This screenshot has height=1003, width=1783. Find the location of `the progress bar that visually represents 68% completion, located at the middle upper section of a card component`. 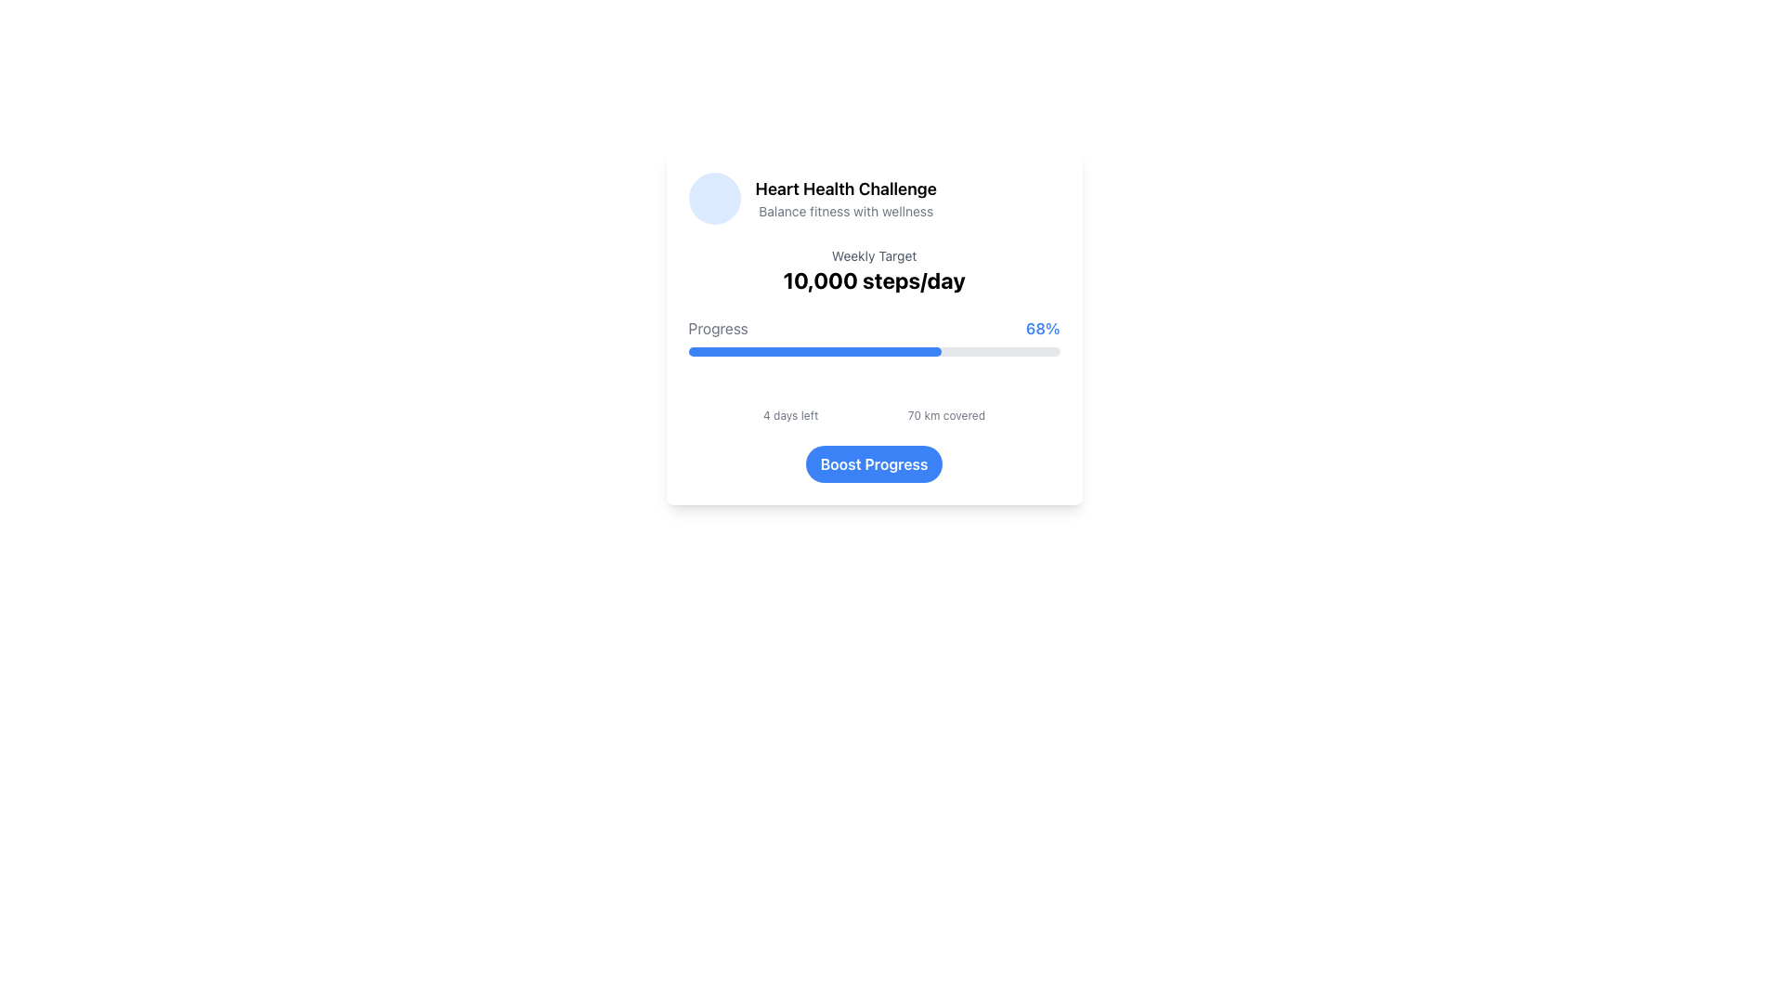

the progress bar that visually represents 68% completion, located at the middle upper section of a card component is located at coordinates (814, 351).